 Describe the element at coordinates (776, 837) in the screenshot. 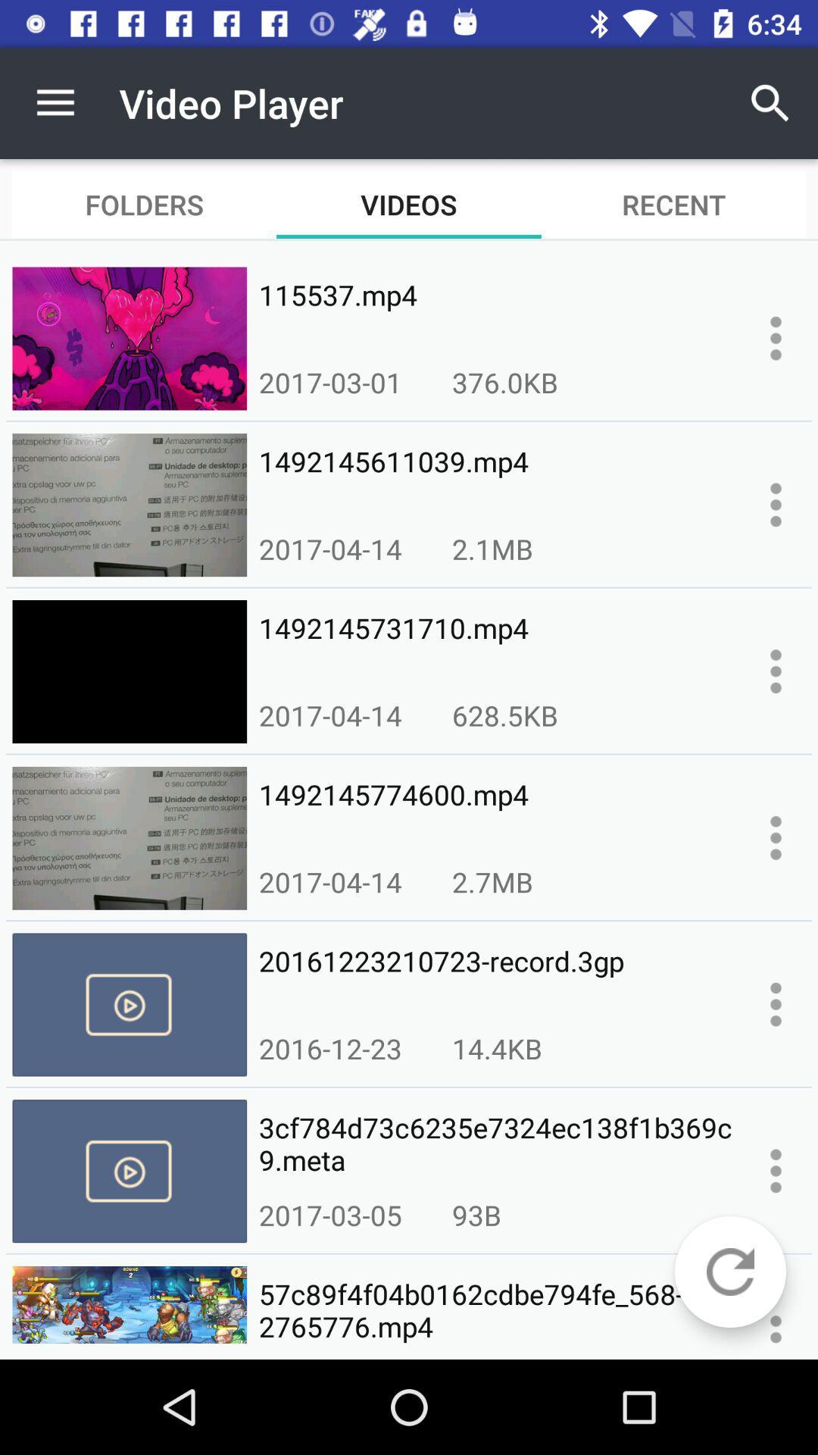

I see `more info` at that location.